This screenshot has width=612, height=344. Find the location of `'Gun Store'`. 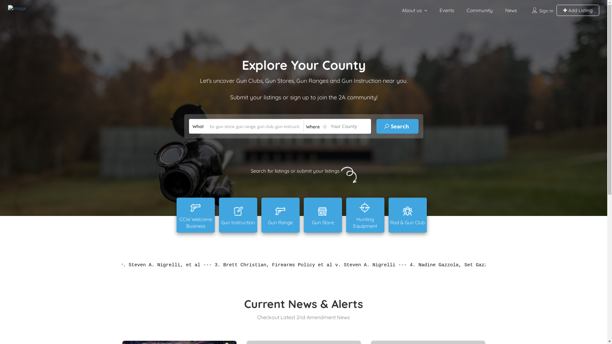

'Gun Store' is located at coordinates (323, 215).